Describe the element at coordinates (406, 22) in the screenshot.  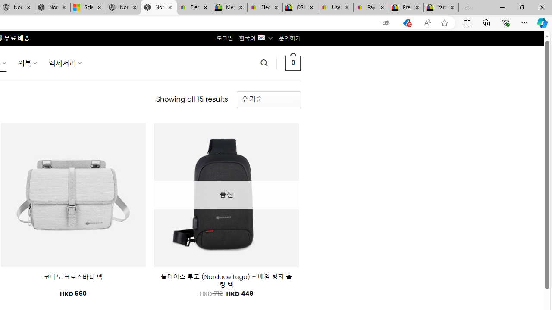
I see `'This site has coupons! Shopping in Microsoft Edge, 5'` at that location.